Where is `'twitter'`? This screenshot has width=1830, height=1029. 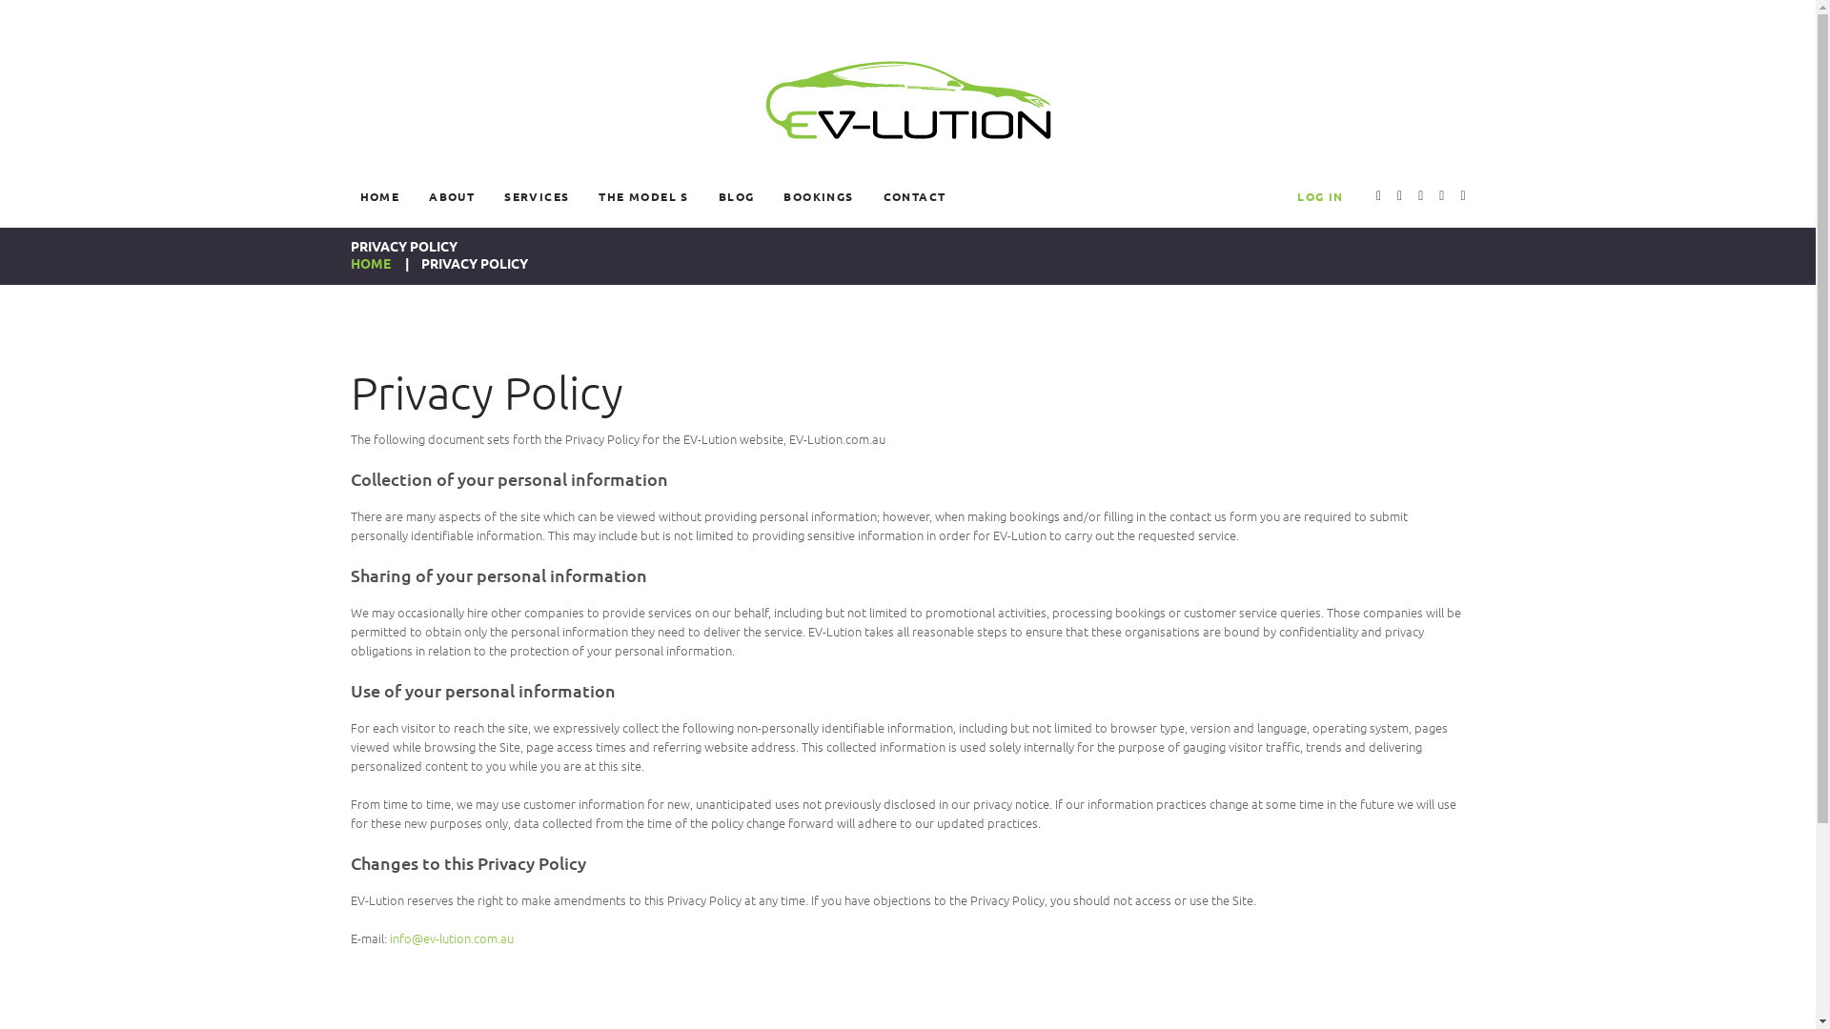
'twitter' is located at coordinates (1396, 197).